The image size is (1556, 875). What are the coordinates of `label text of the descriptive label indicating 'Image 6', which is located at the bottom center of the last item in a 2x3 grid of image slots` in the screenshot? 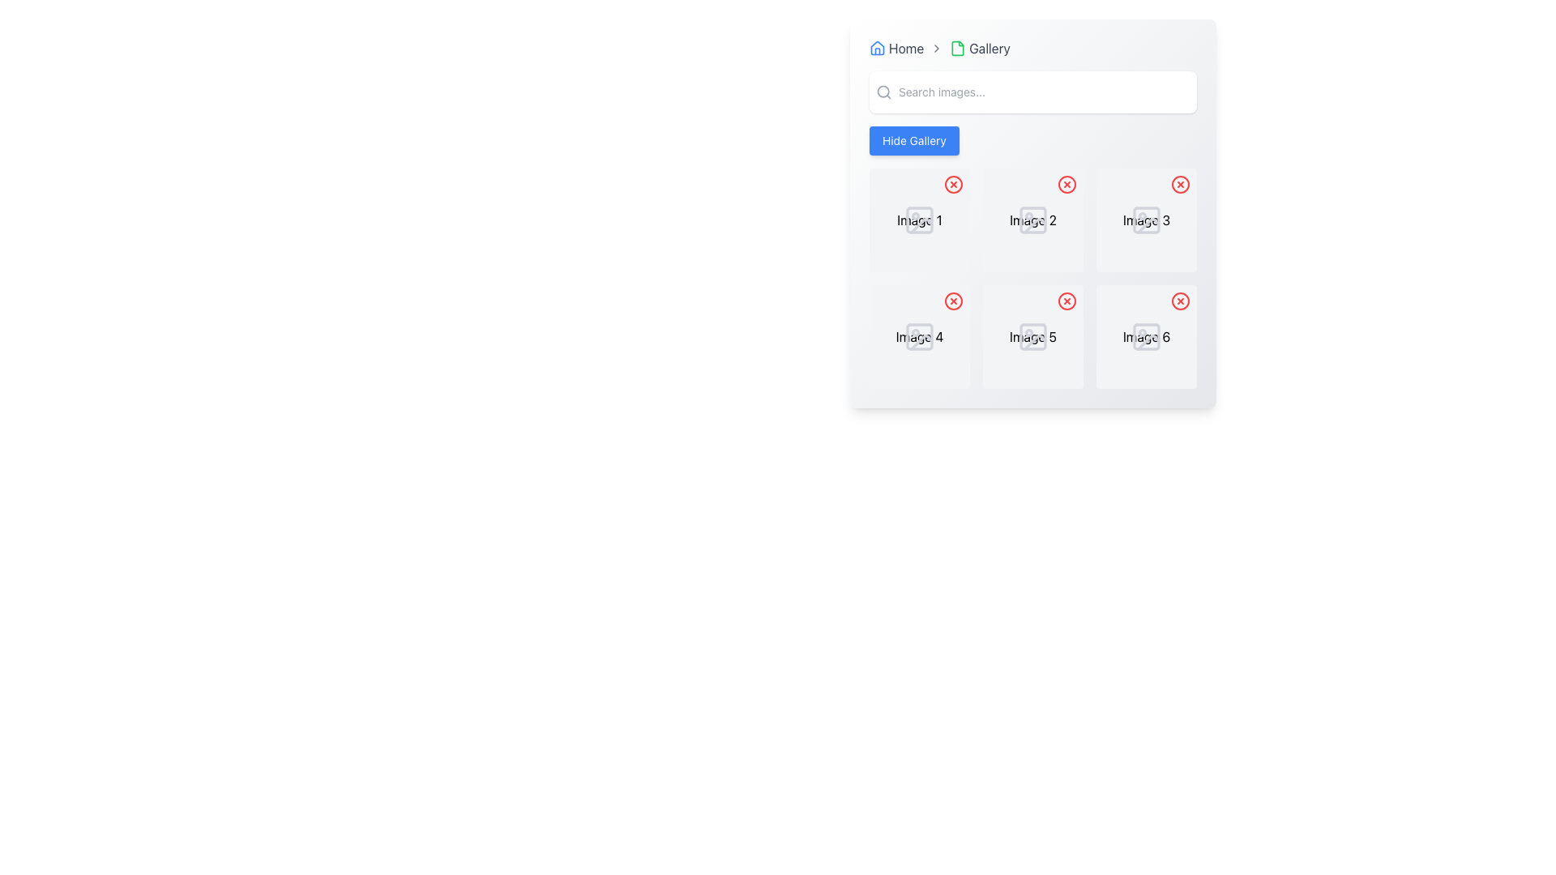 It's located at (1146, 336).